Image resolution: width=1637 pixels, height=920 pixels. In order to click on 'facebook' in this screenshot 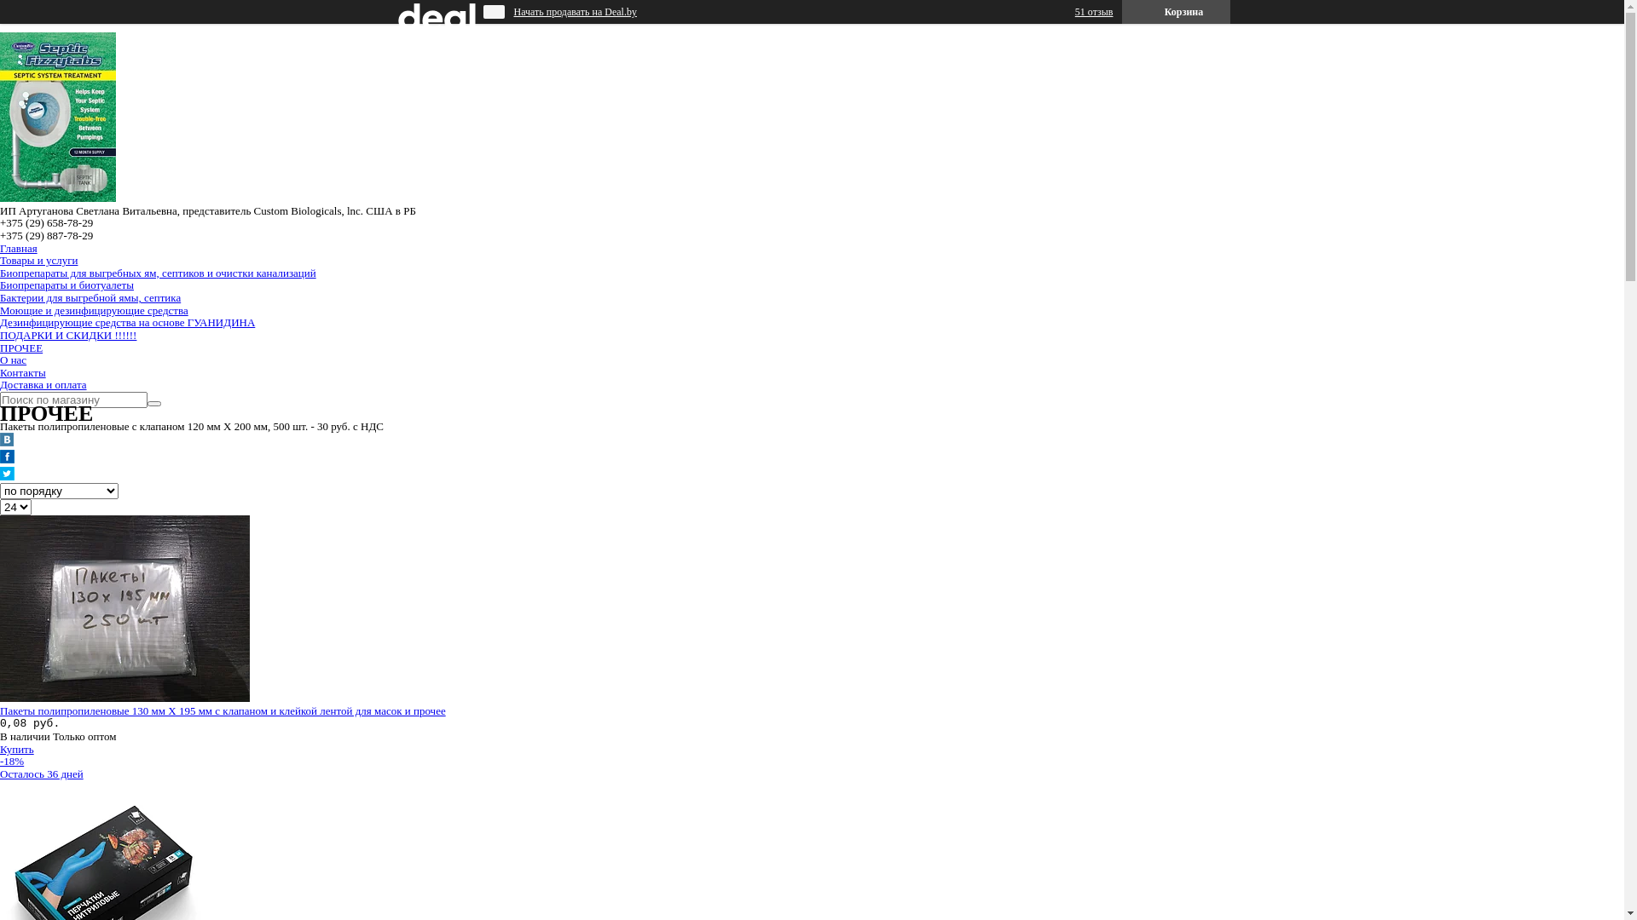, I will do `click(7, 458)`.